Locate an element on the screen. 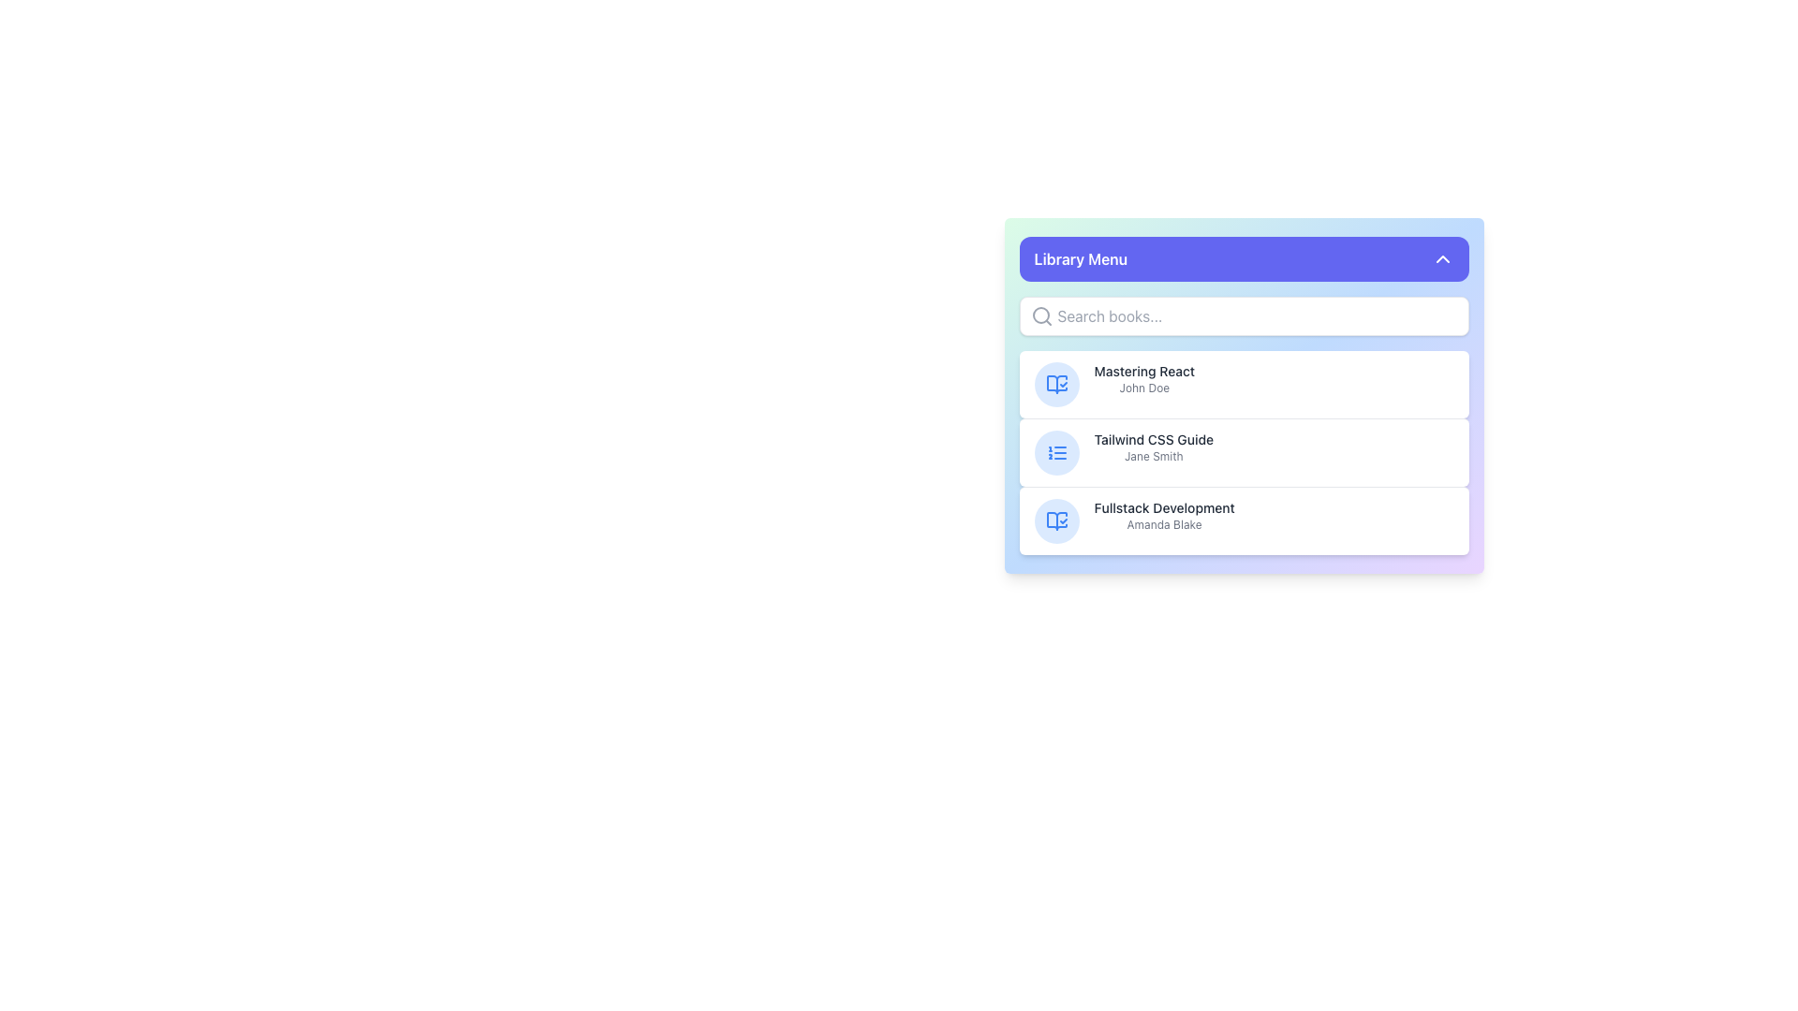 This screenshot has height=1011, width=1798. the text block displaying information about the book located in the second entry of the list, positioned below 'Mastering React' and above 'Fullstack Development' is located at coordinates (1153, 447).